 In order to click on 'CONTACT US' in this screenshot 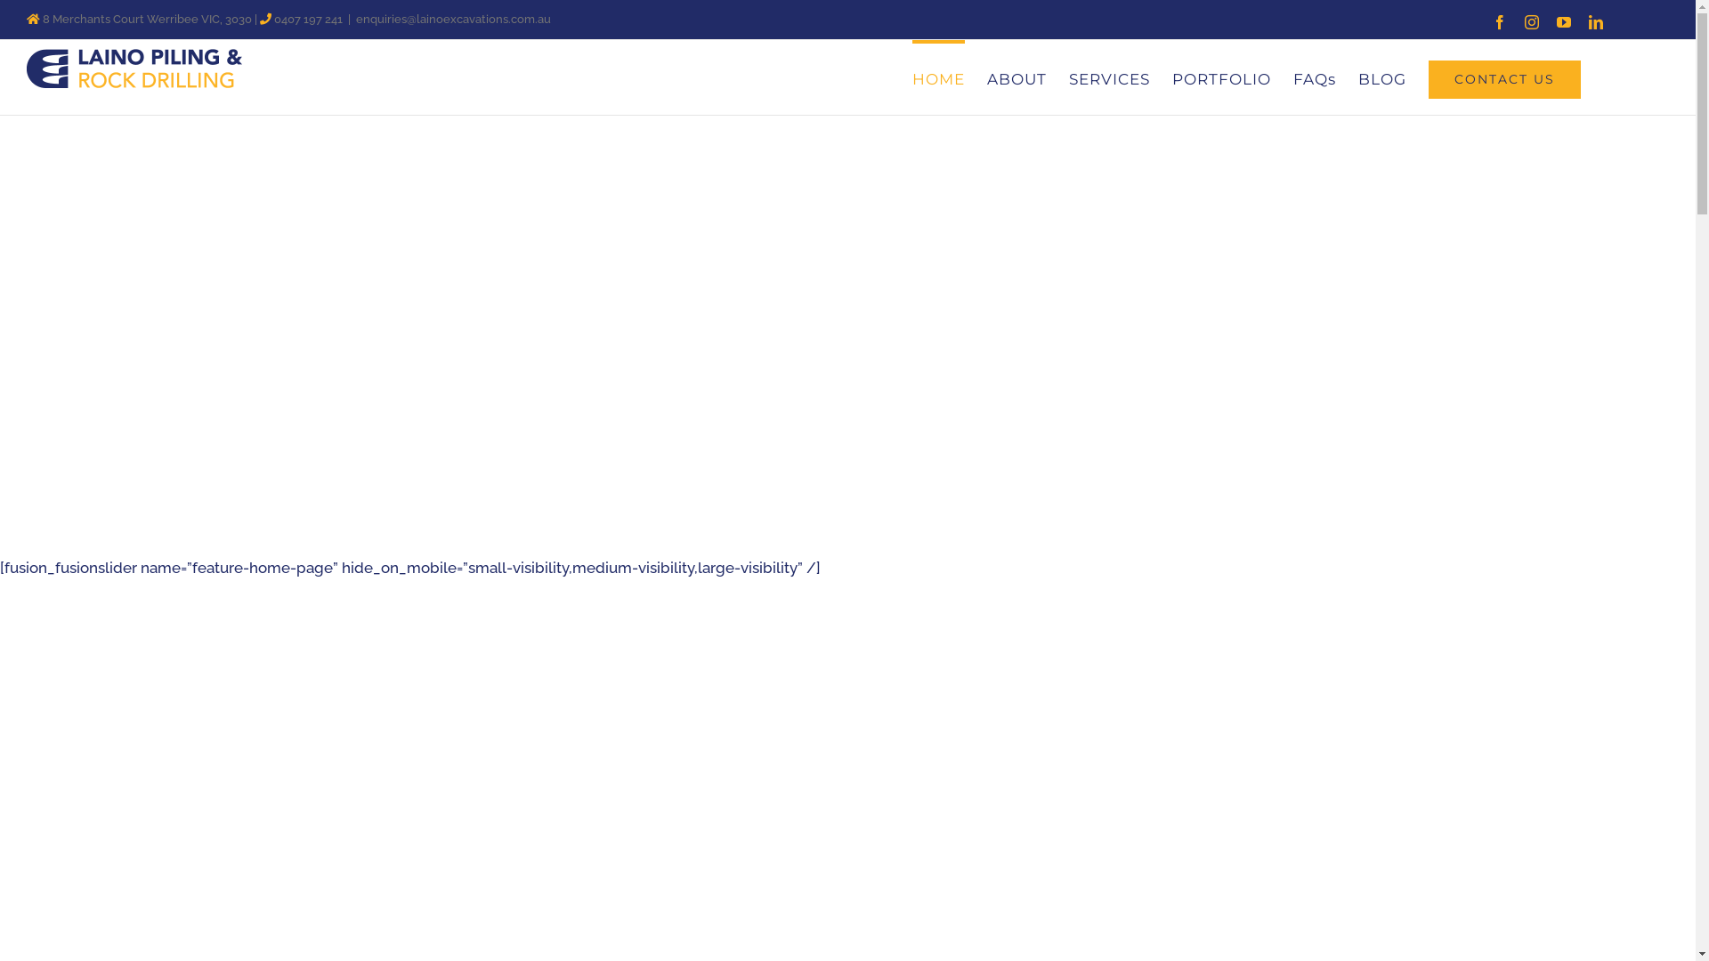, I will do `click(1503, 77)`.